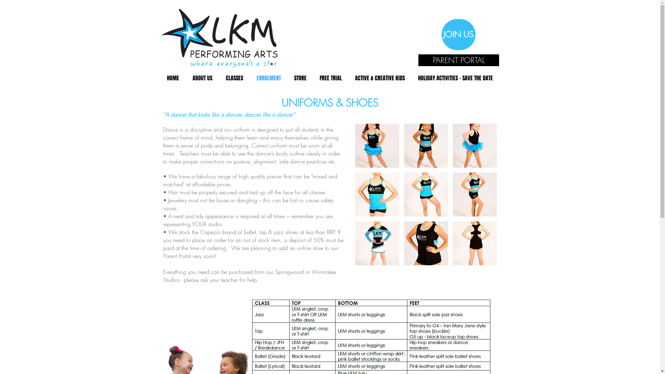  I want to click on 'CLASSES', so click(234, 78).